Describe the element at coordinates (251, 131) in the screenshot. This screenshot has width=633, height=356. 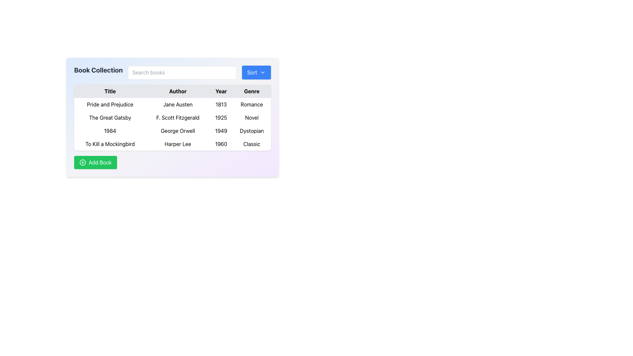
I see `the text label displaying 'Dystopian' in black font, located in the 'Genre' column for the book '1984' by George Orwell` at that location.